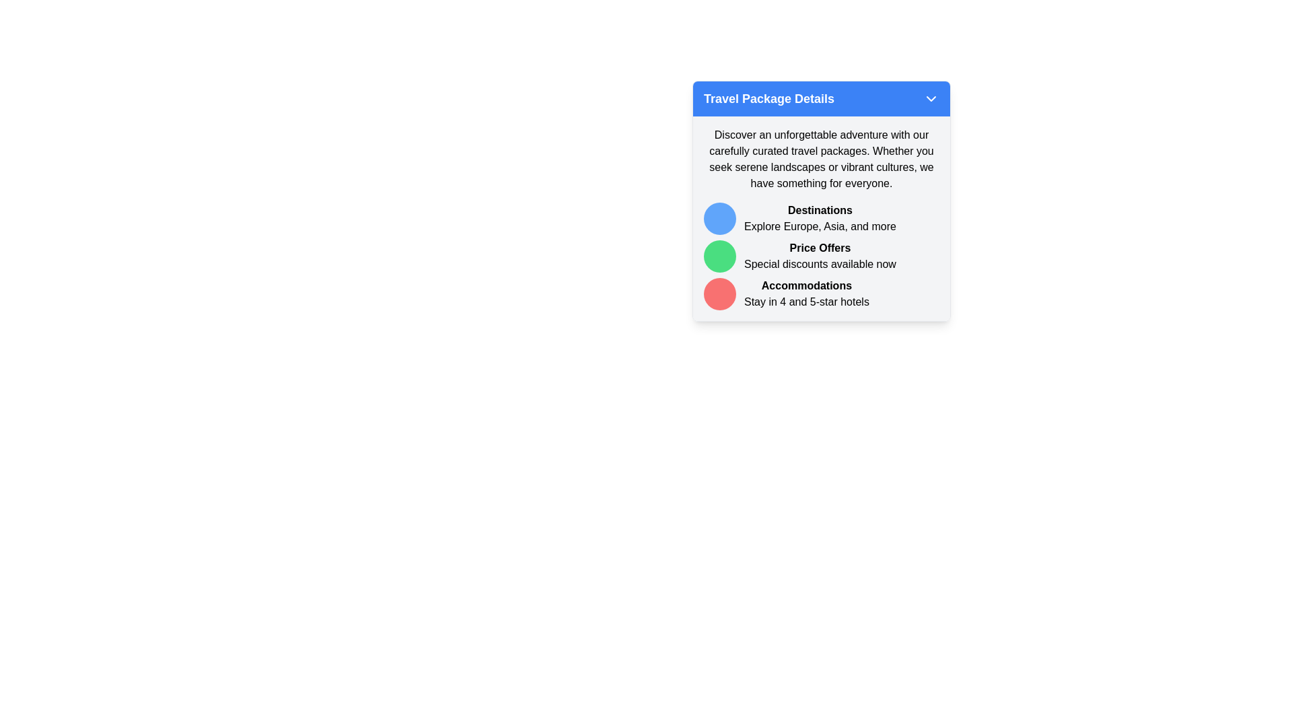  What do you see at coordinates (820, 158) in the screenshot?
I see `introductory text block providing context for the travel packages, positioned below the blue header 'Travel Package Details'` at bounding box center [820, 158].